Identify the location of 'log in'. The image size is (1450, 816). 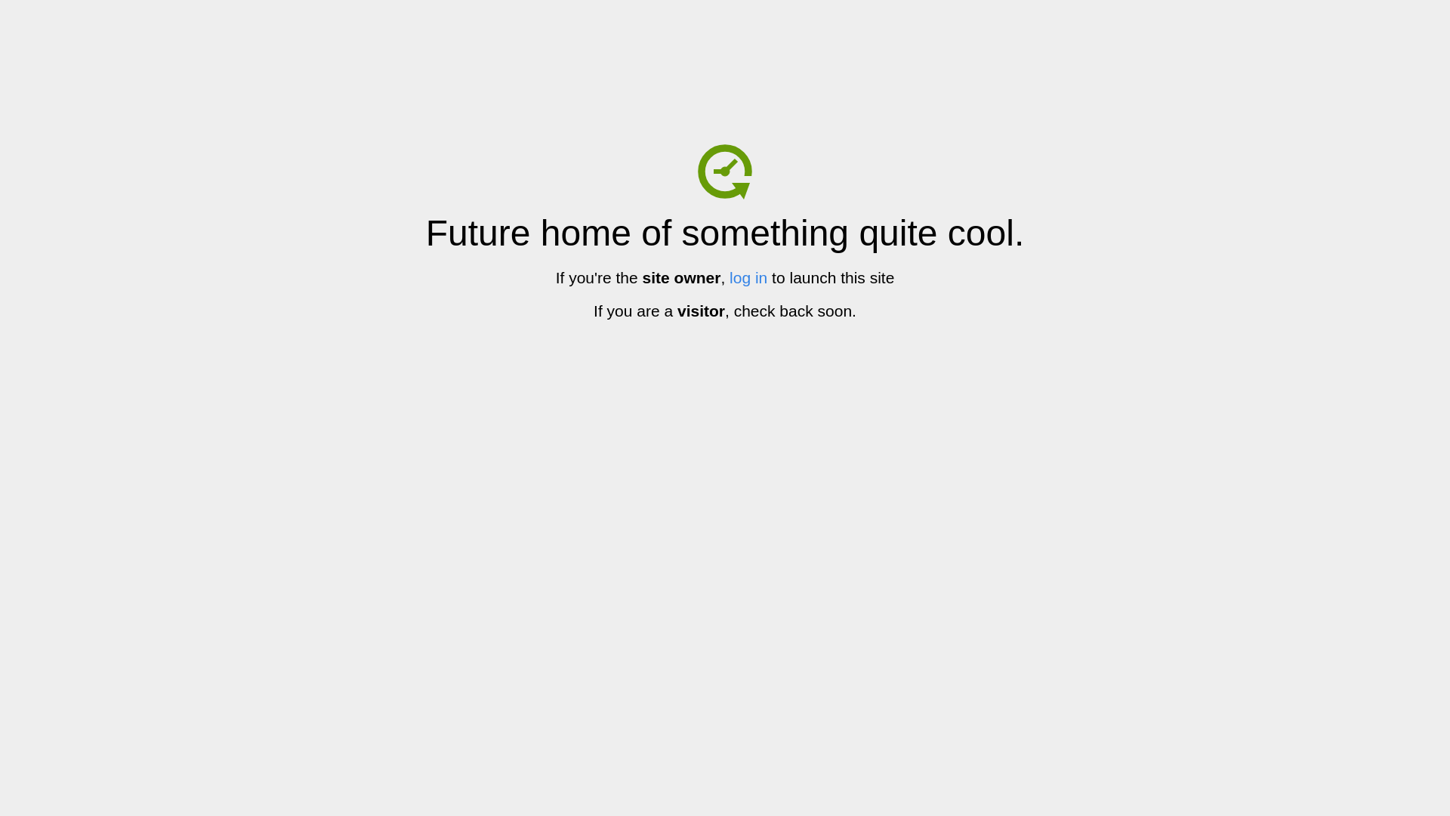
(748, 277).